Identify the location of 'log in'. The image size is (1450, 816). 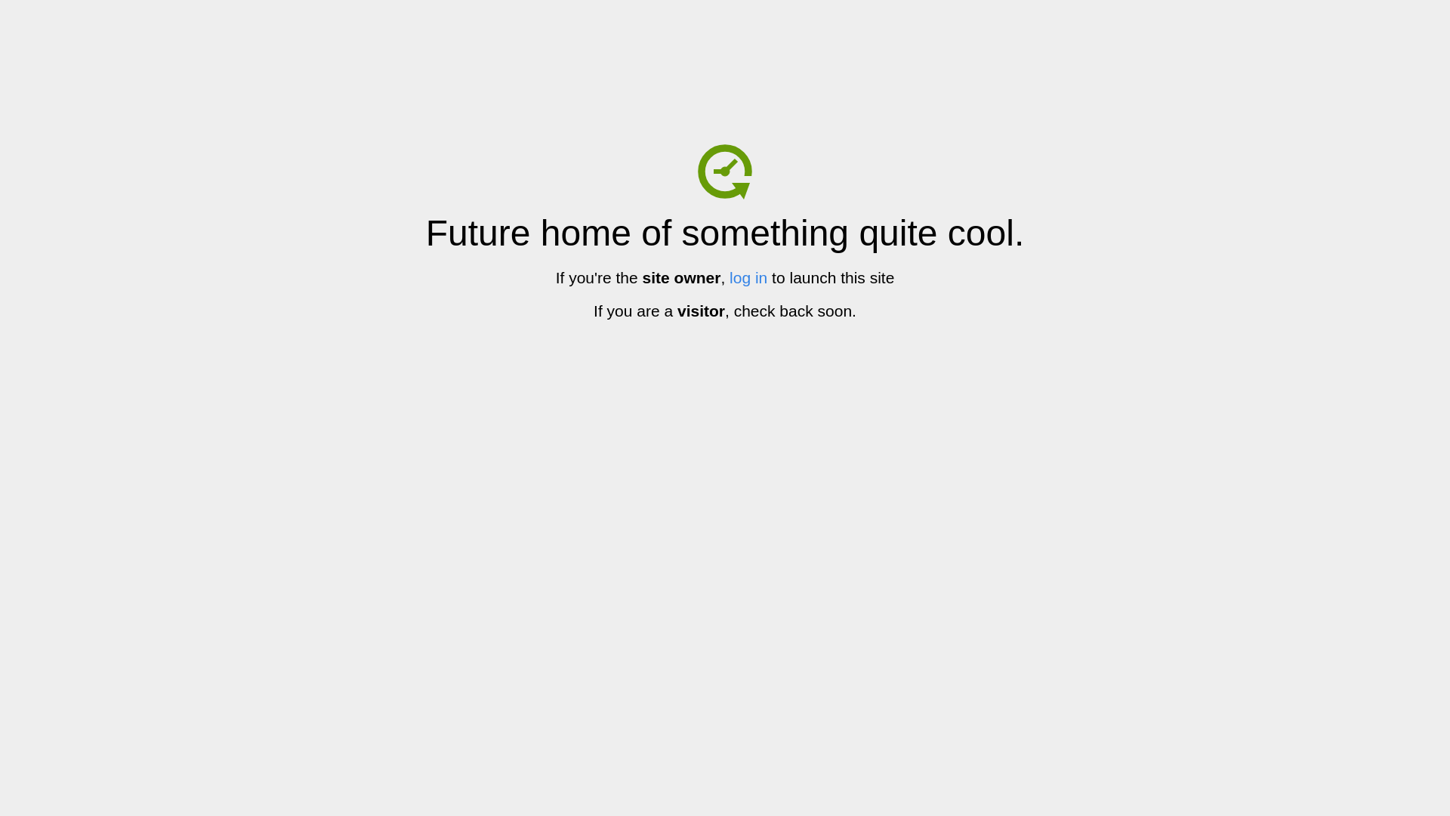
(748, 277).